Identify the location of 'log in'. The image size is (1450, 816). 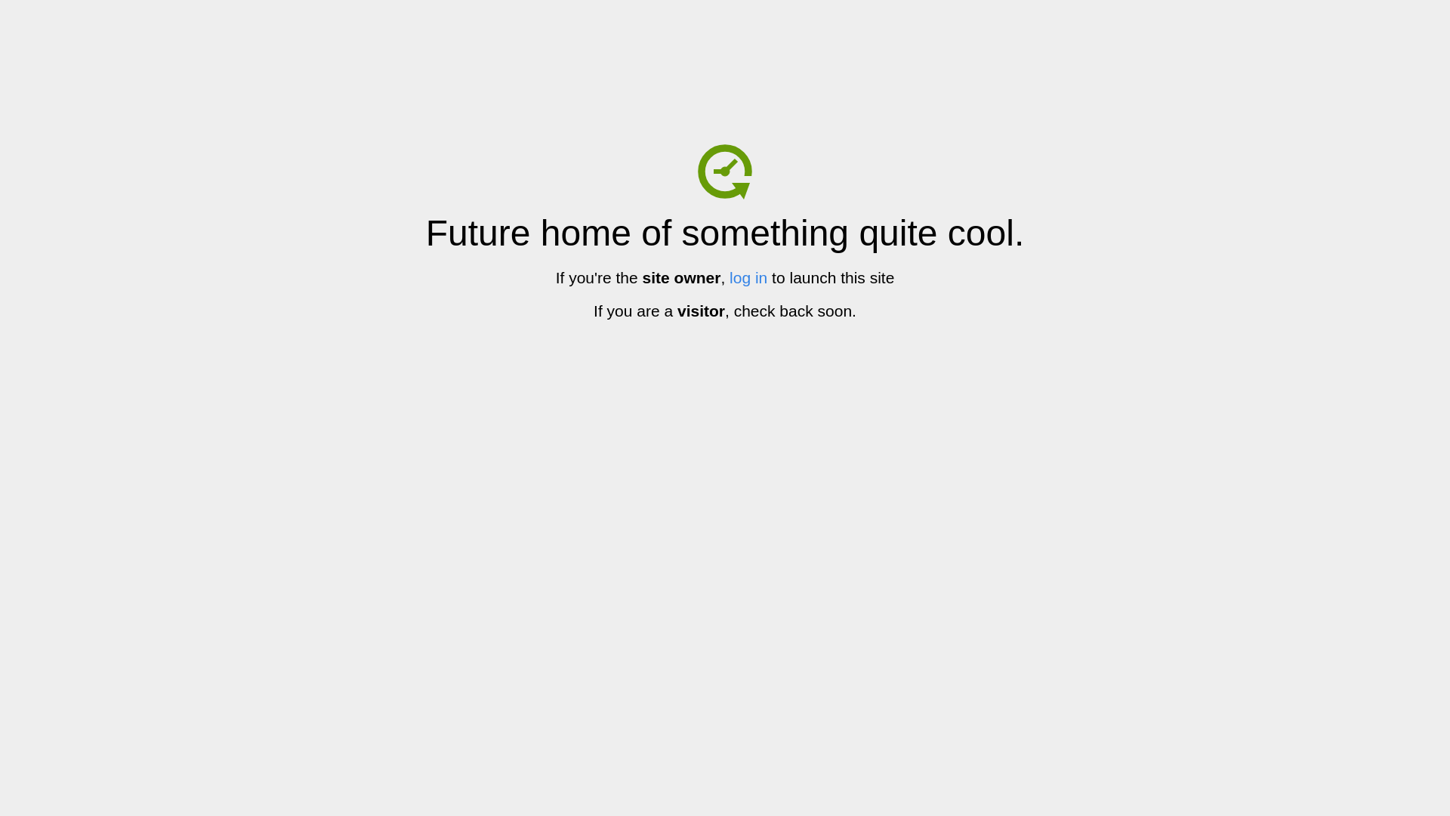
(748, 277).